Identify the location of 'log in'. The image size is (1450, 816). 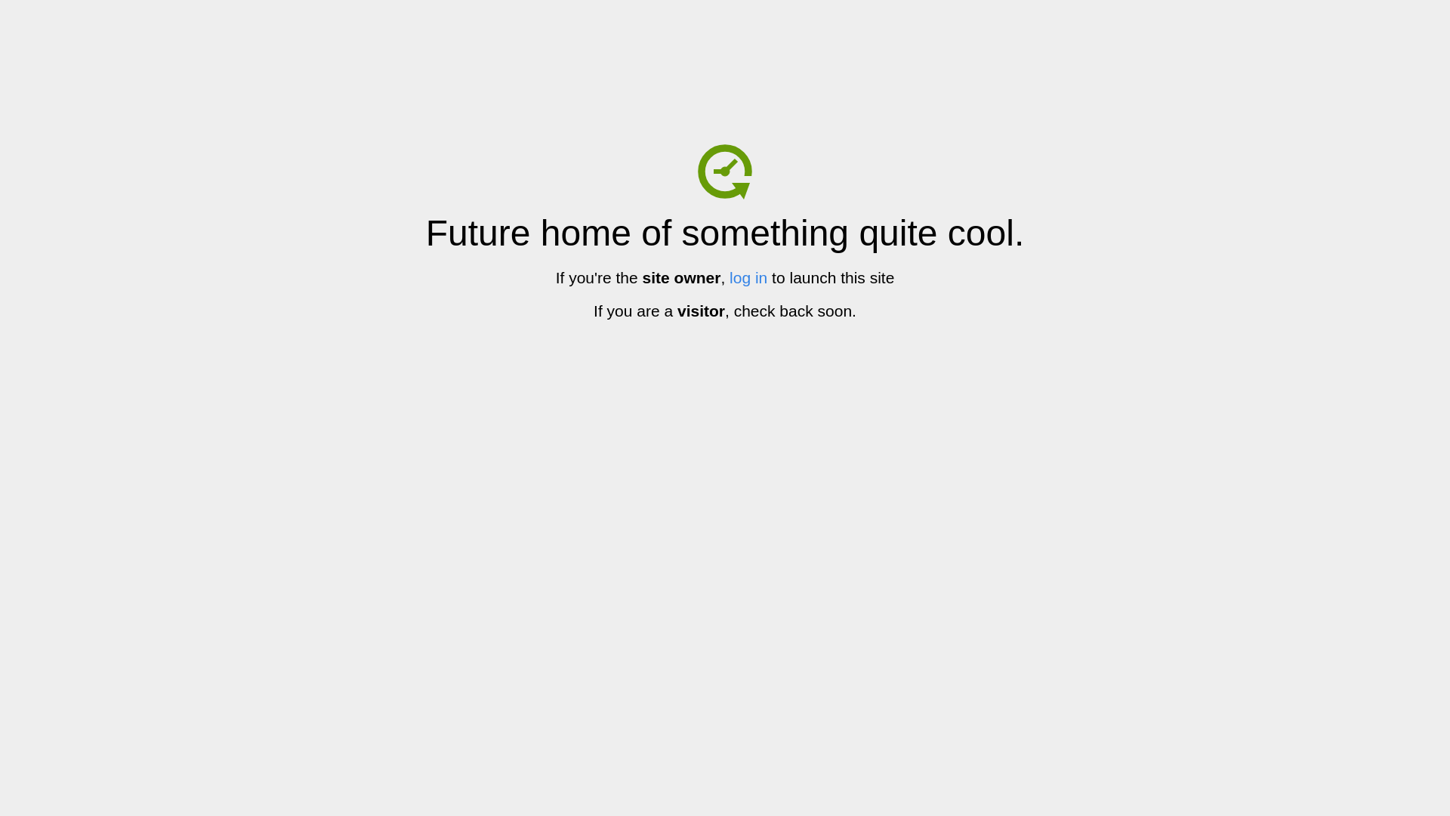
(748, 277).